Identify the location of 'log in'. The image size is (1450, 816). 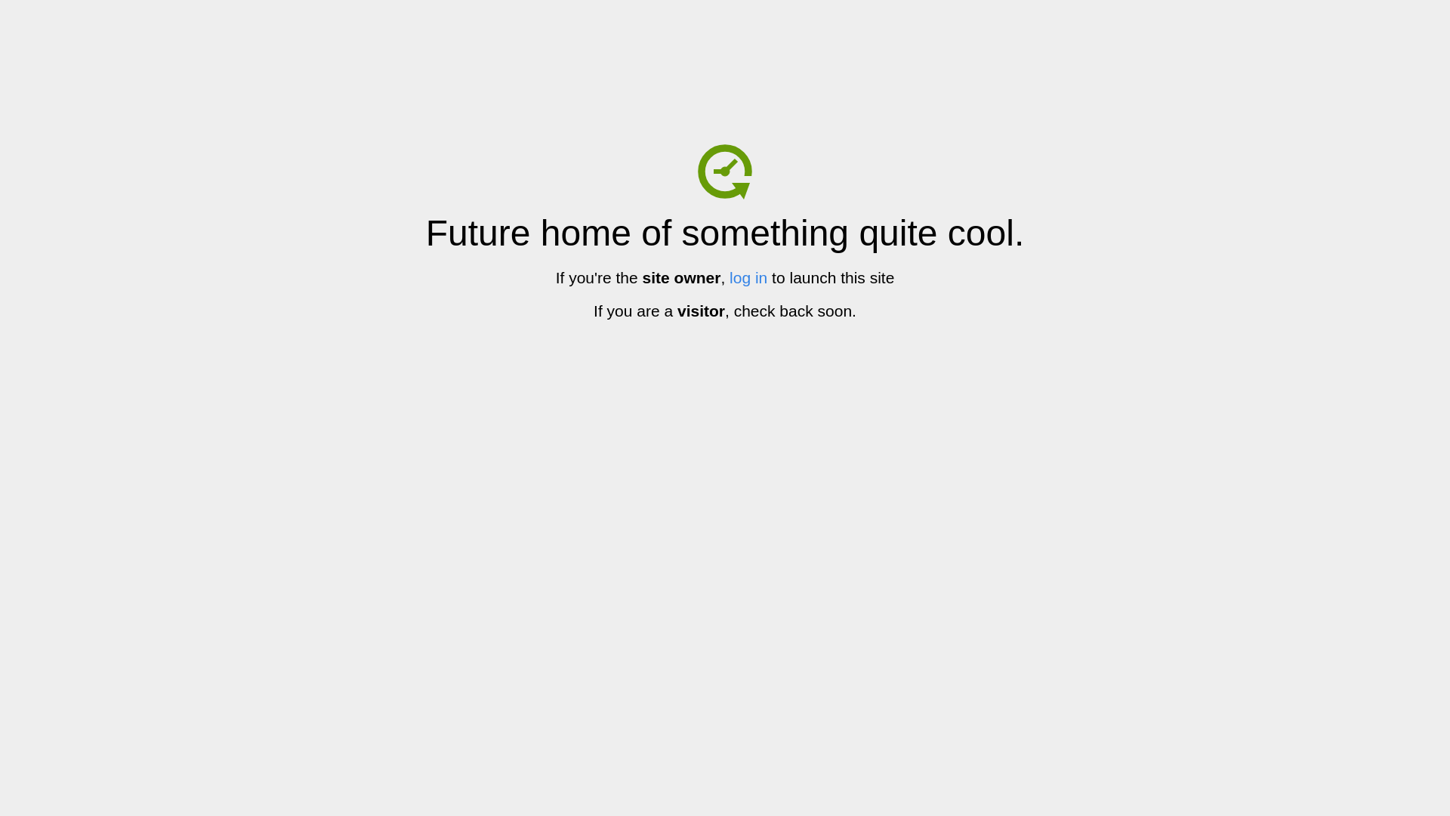
(748, 277).